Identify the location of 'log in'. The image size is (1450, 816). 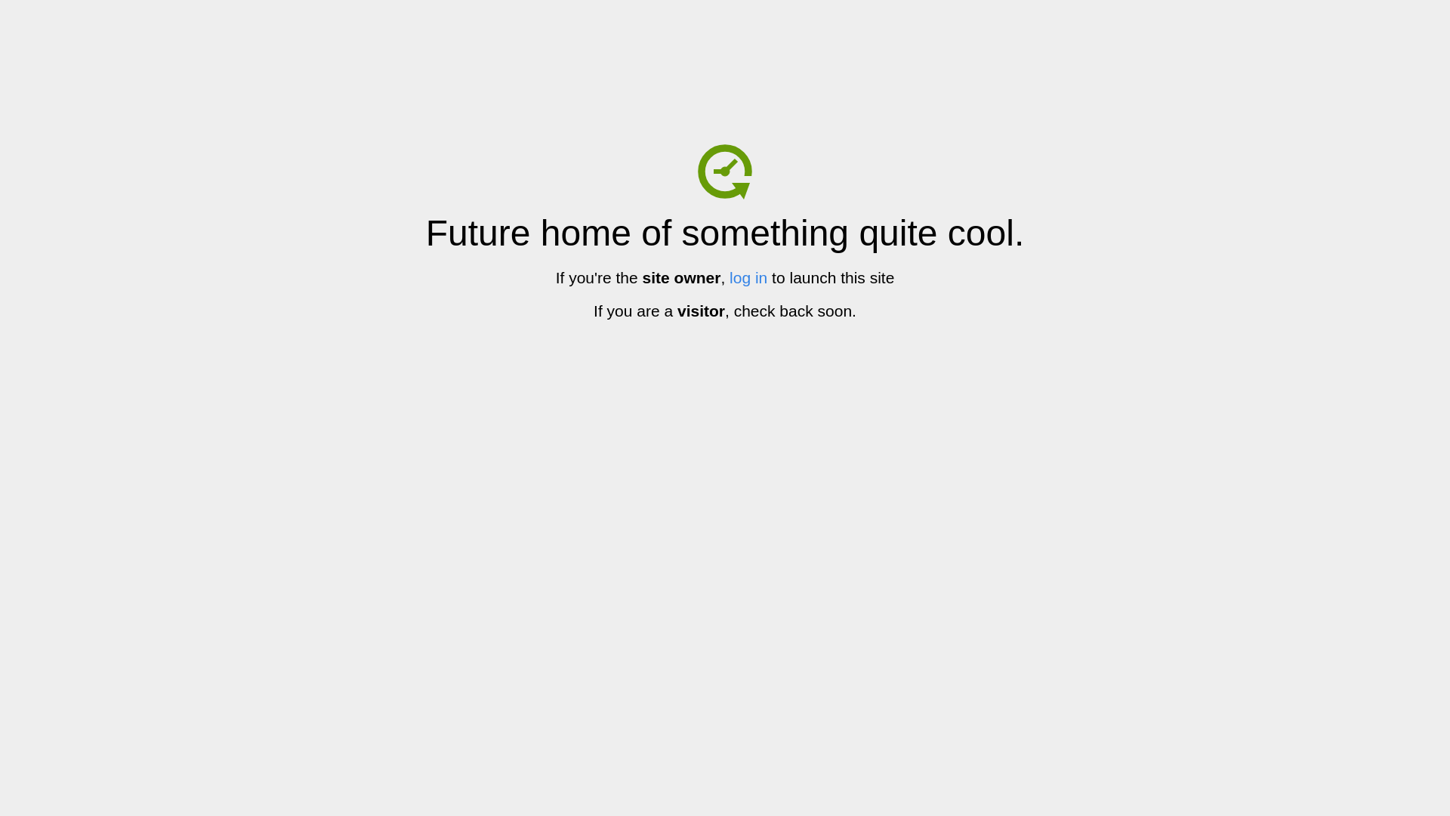
(748, 277).